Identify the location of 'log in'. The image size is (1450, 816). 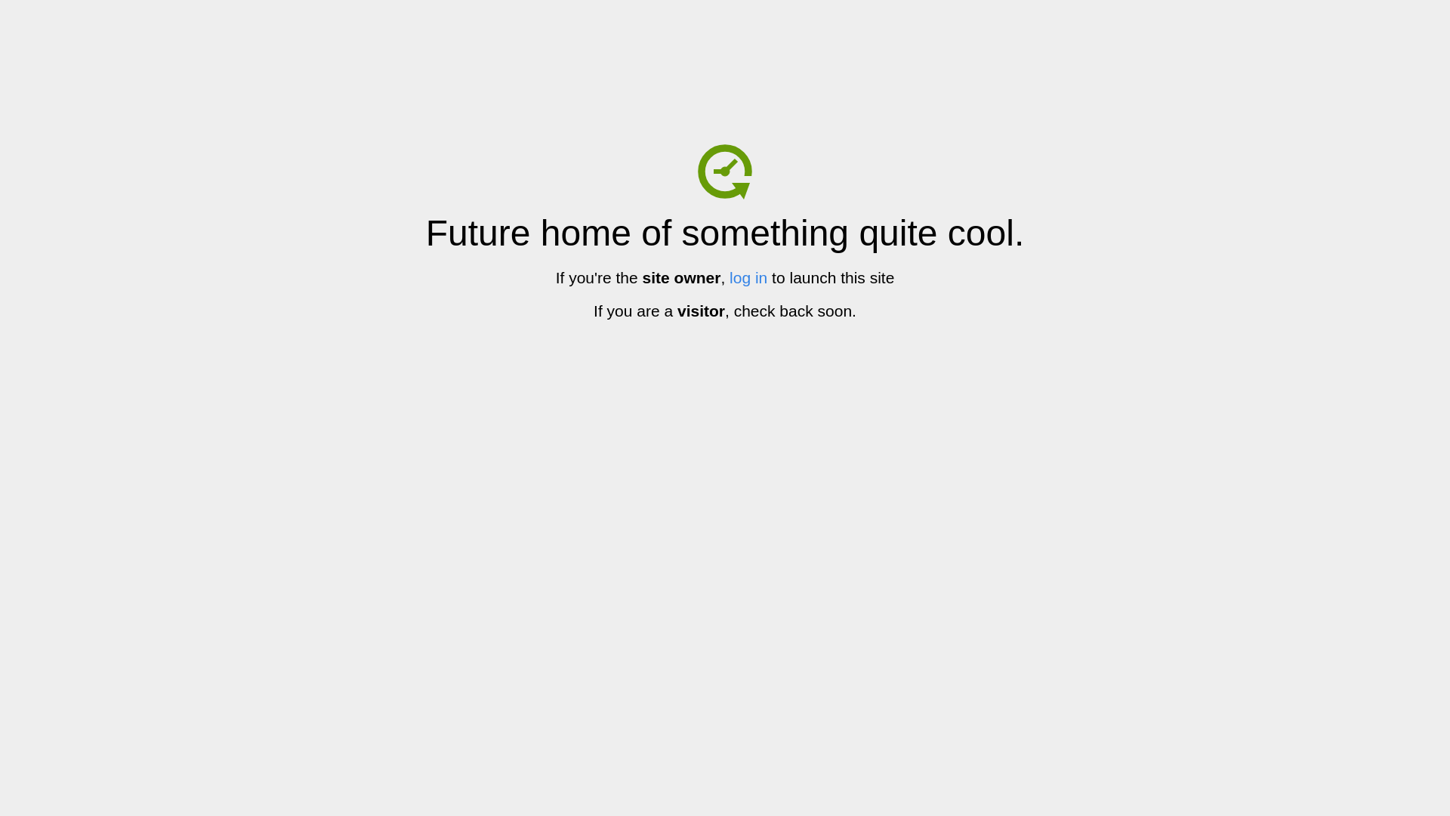
(748, 277).